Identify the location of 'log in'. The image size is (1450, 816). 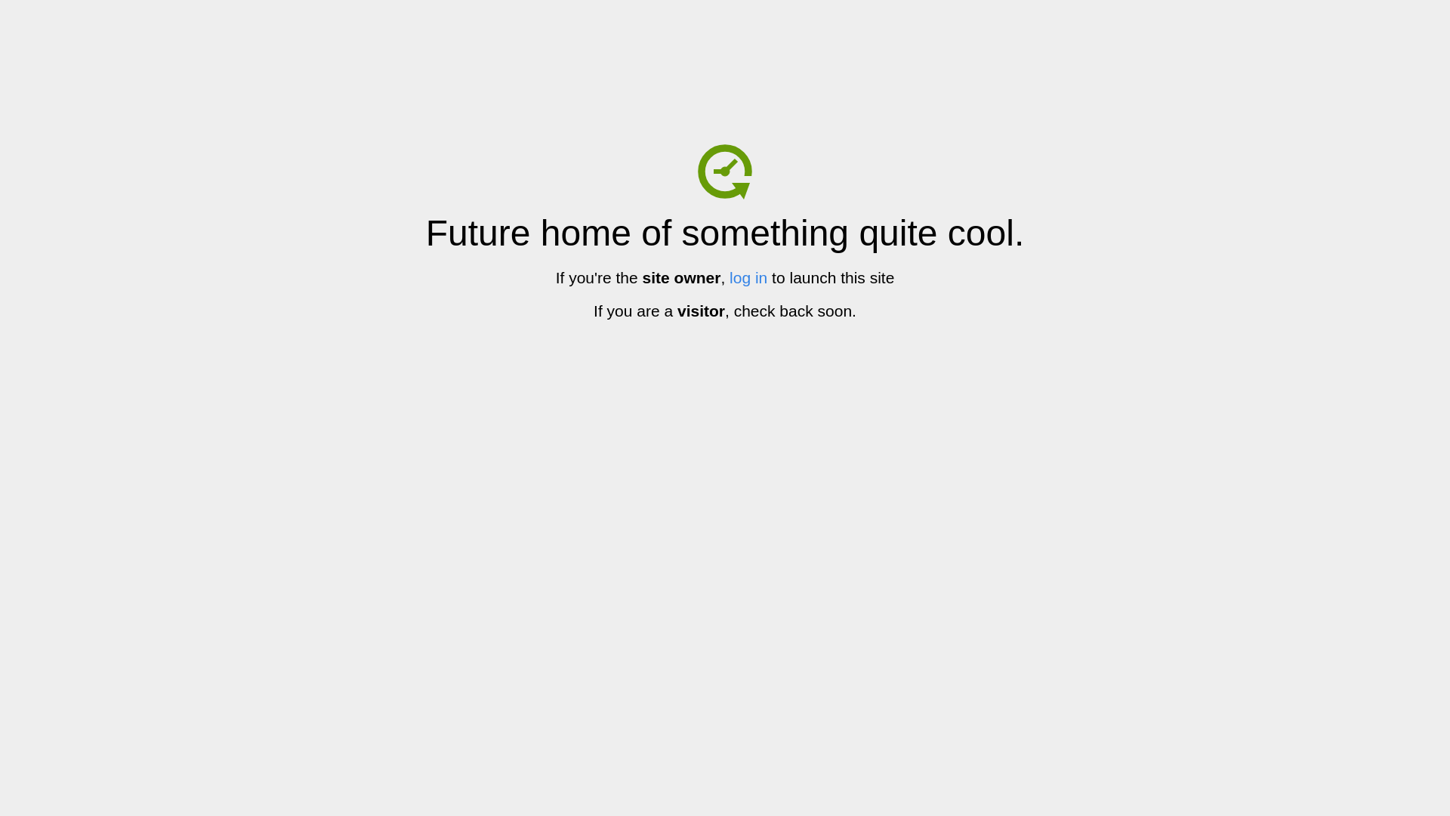
(748, 277).